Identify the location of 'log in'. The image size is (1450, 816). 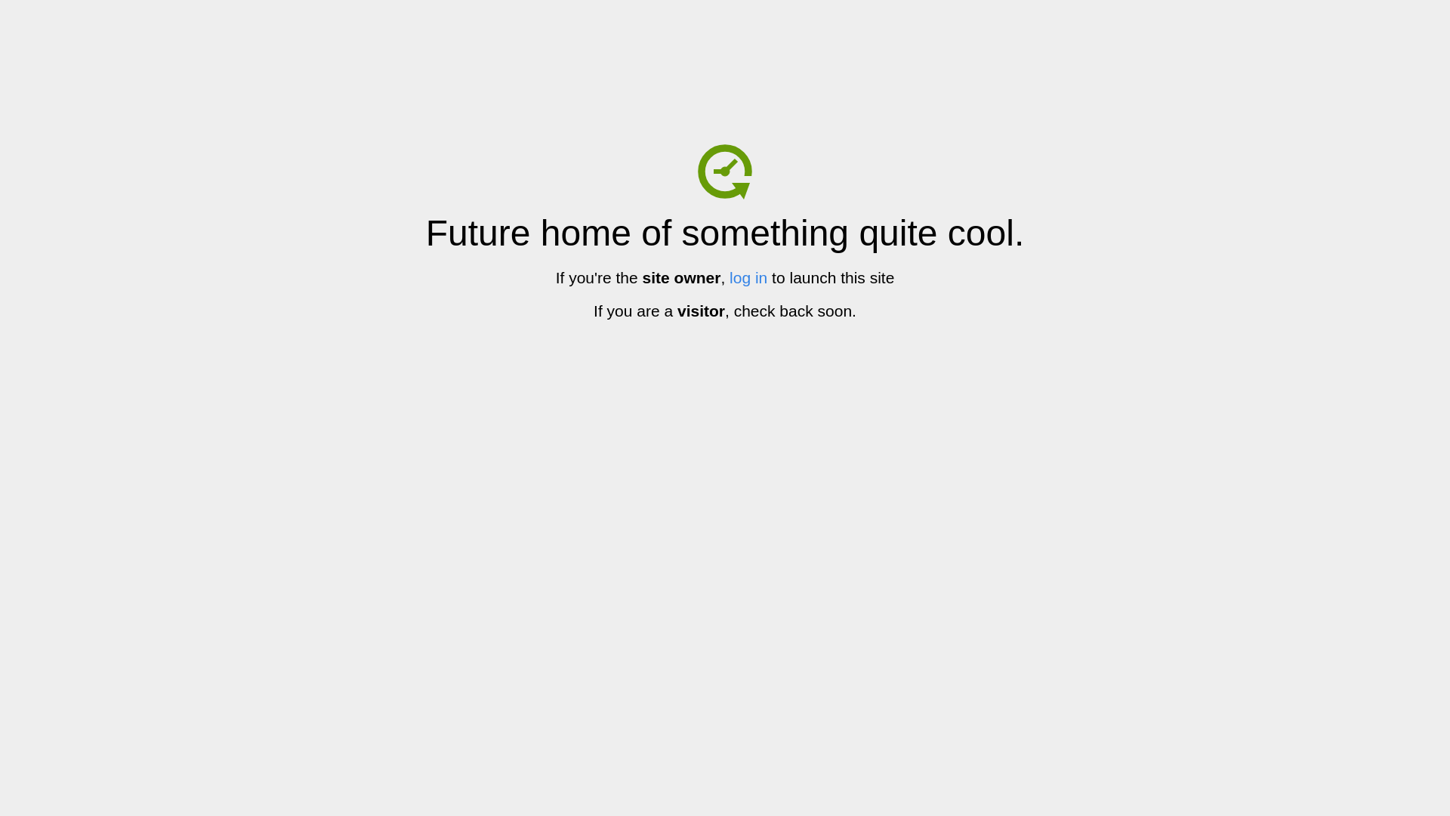
(748, 277).